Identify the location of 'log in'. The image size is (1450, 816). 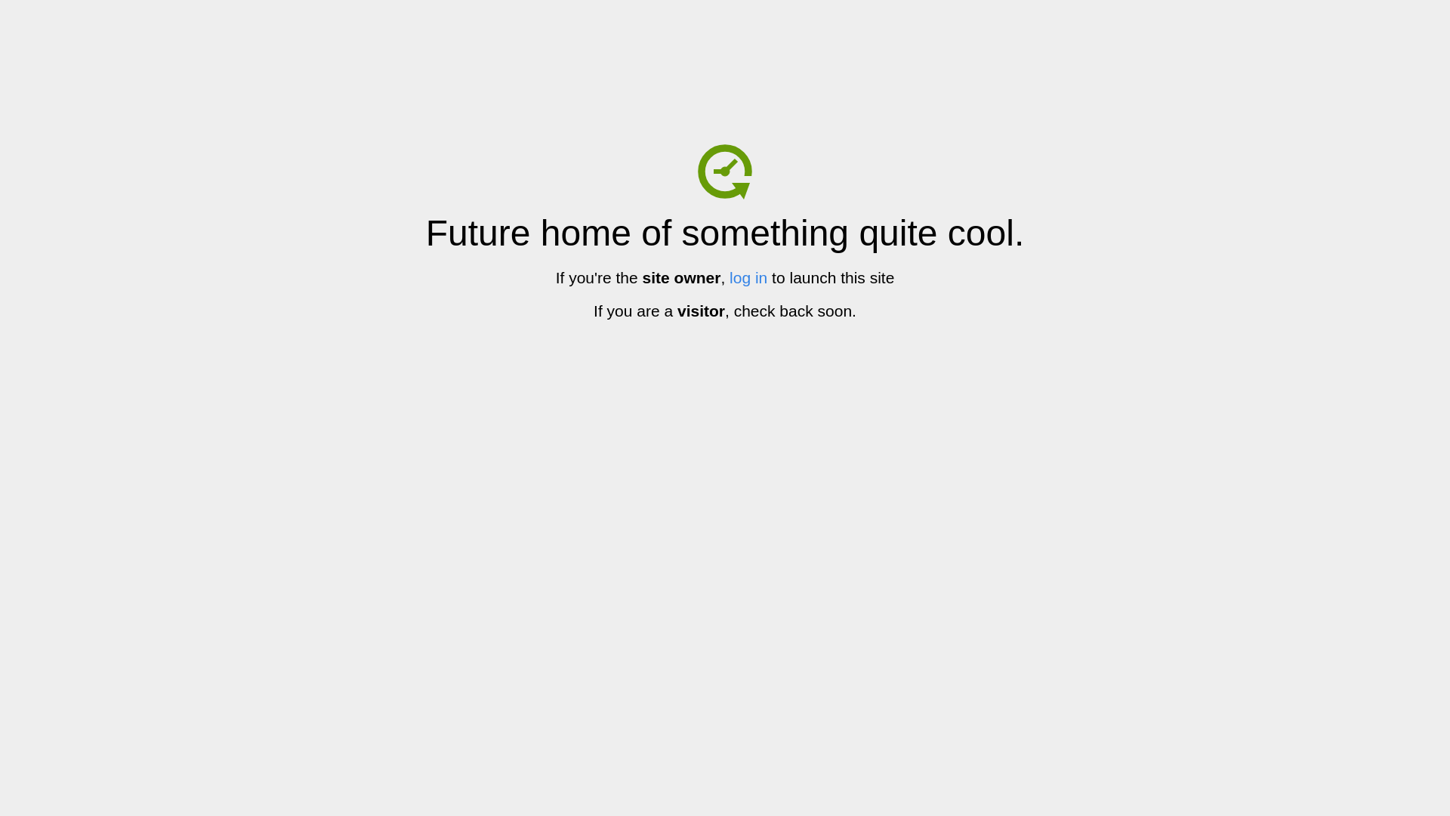
(748, 277).